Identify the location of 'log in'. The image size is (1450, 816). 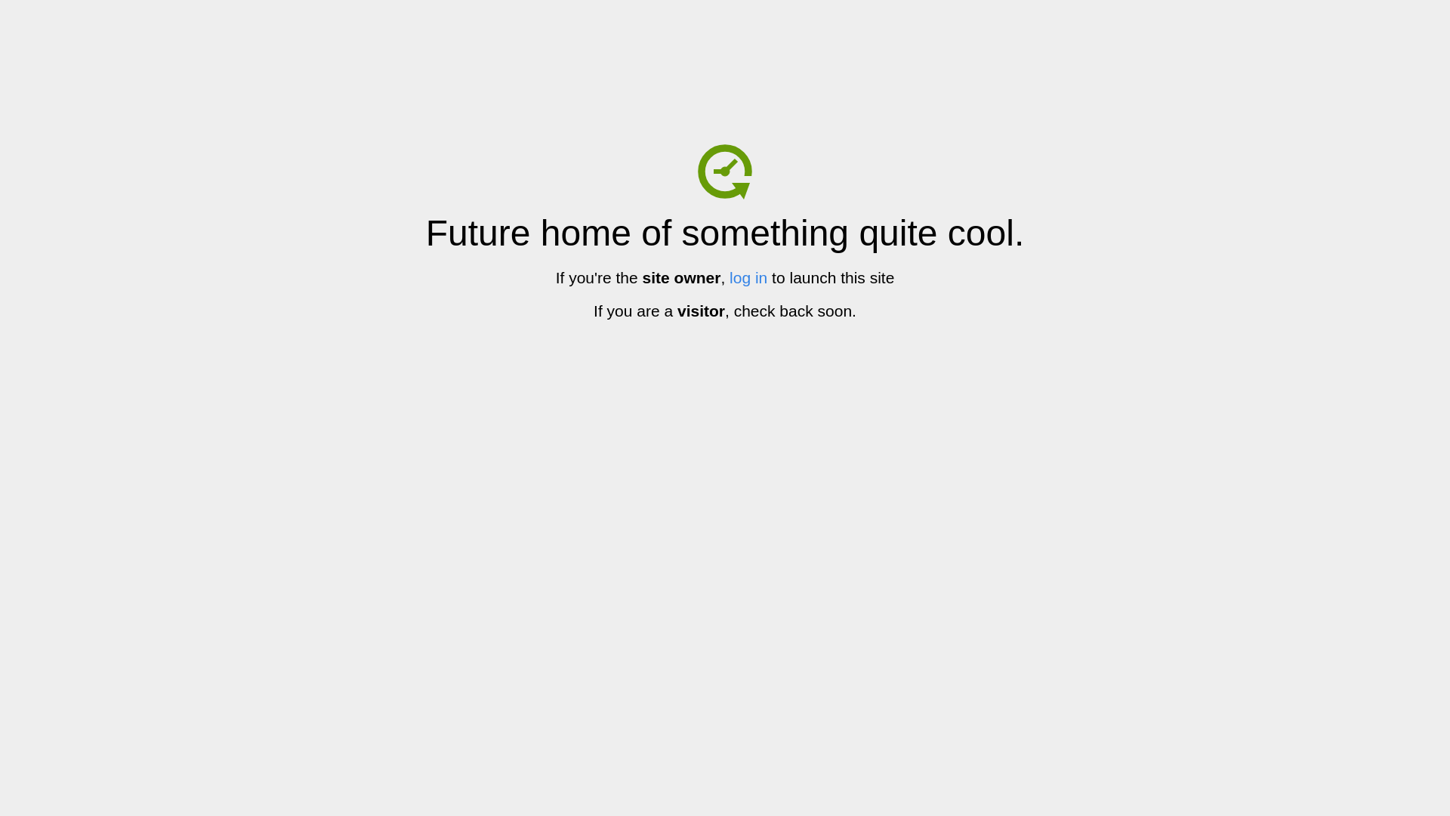
(748, 277).